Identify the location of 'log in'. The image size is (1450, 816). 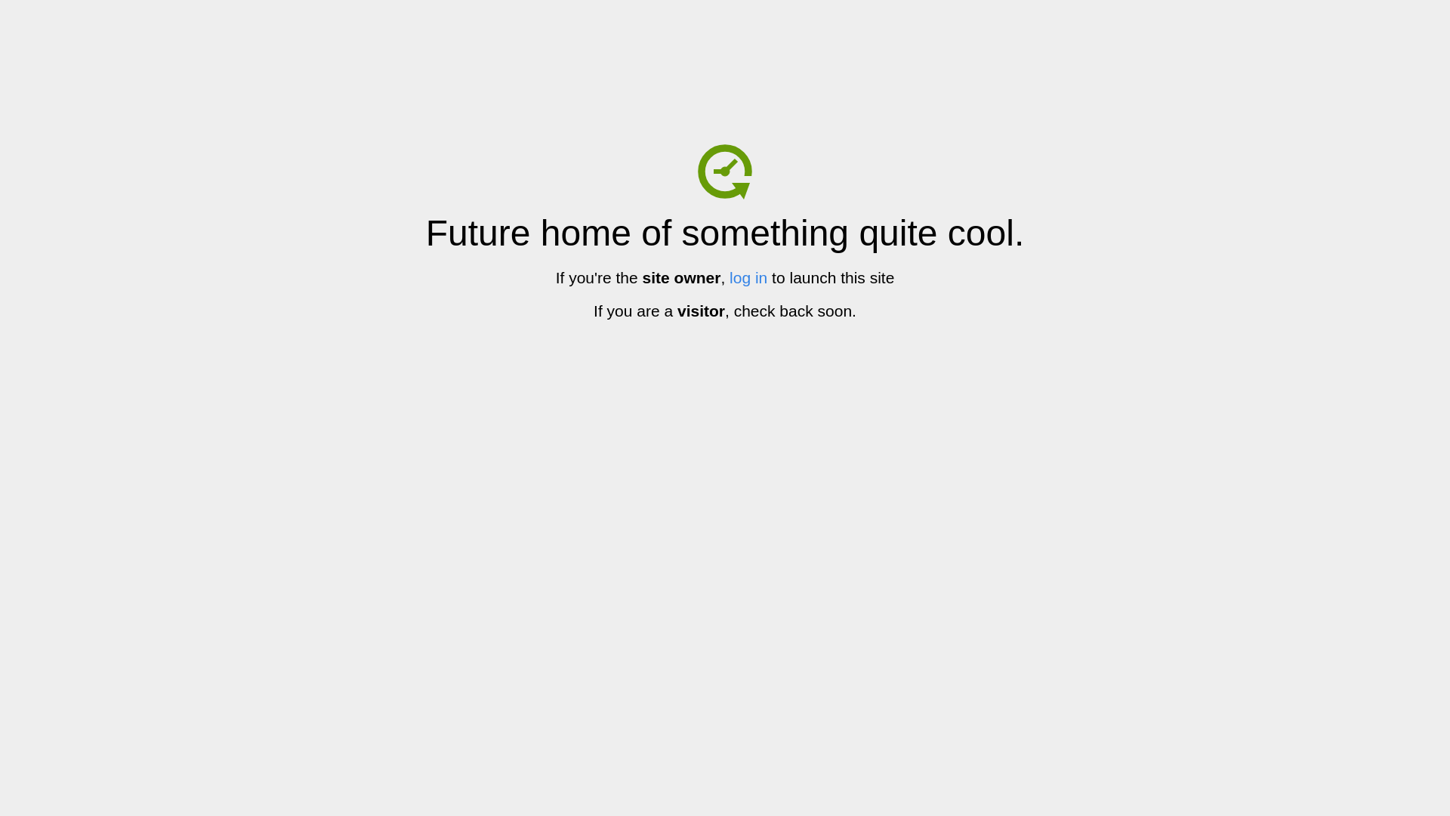
(748, 277).